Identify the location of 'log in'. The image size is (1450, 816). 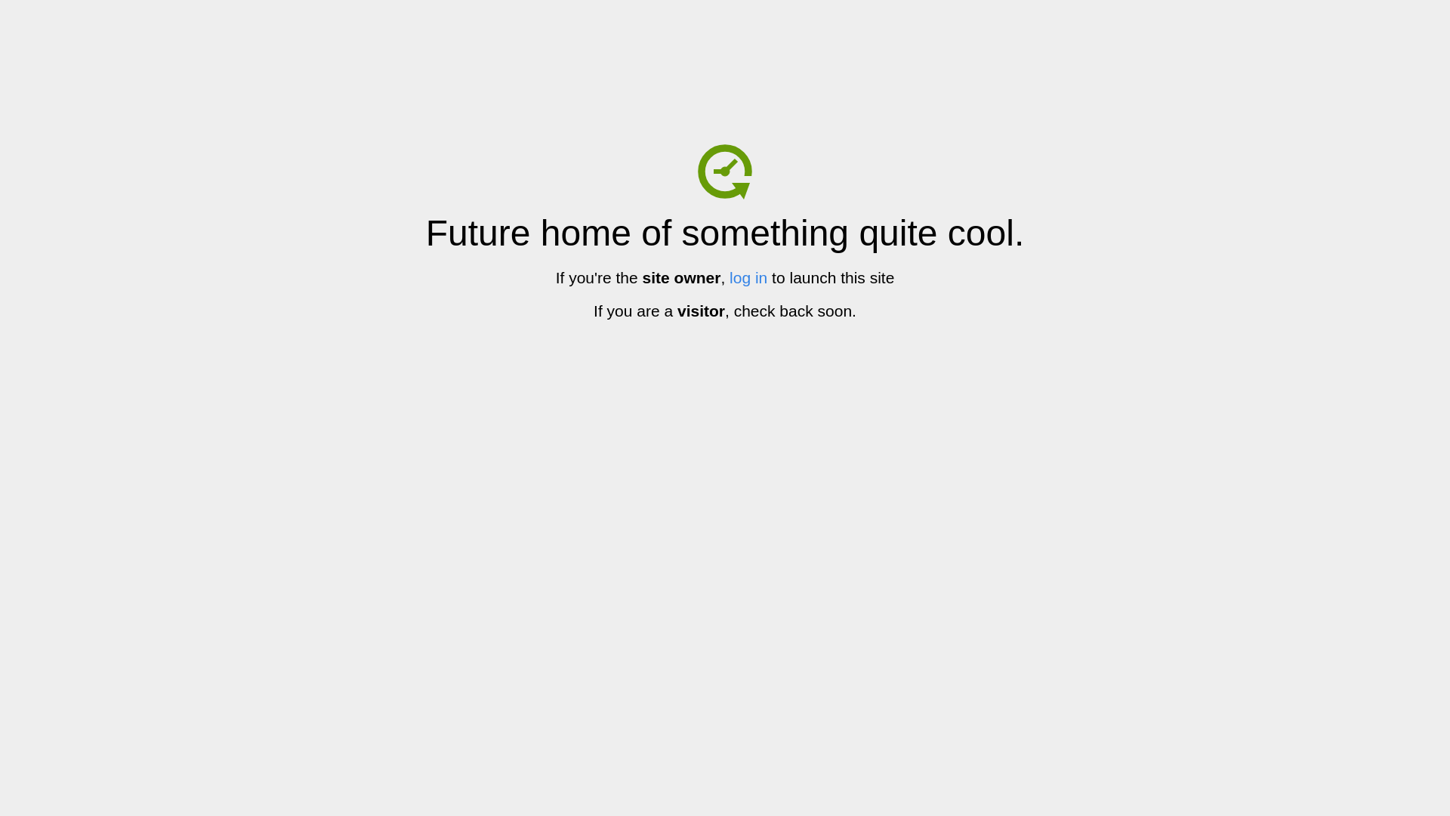
(748, 277).